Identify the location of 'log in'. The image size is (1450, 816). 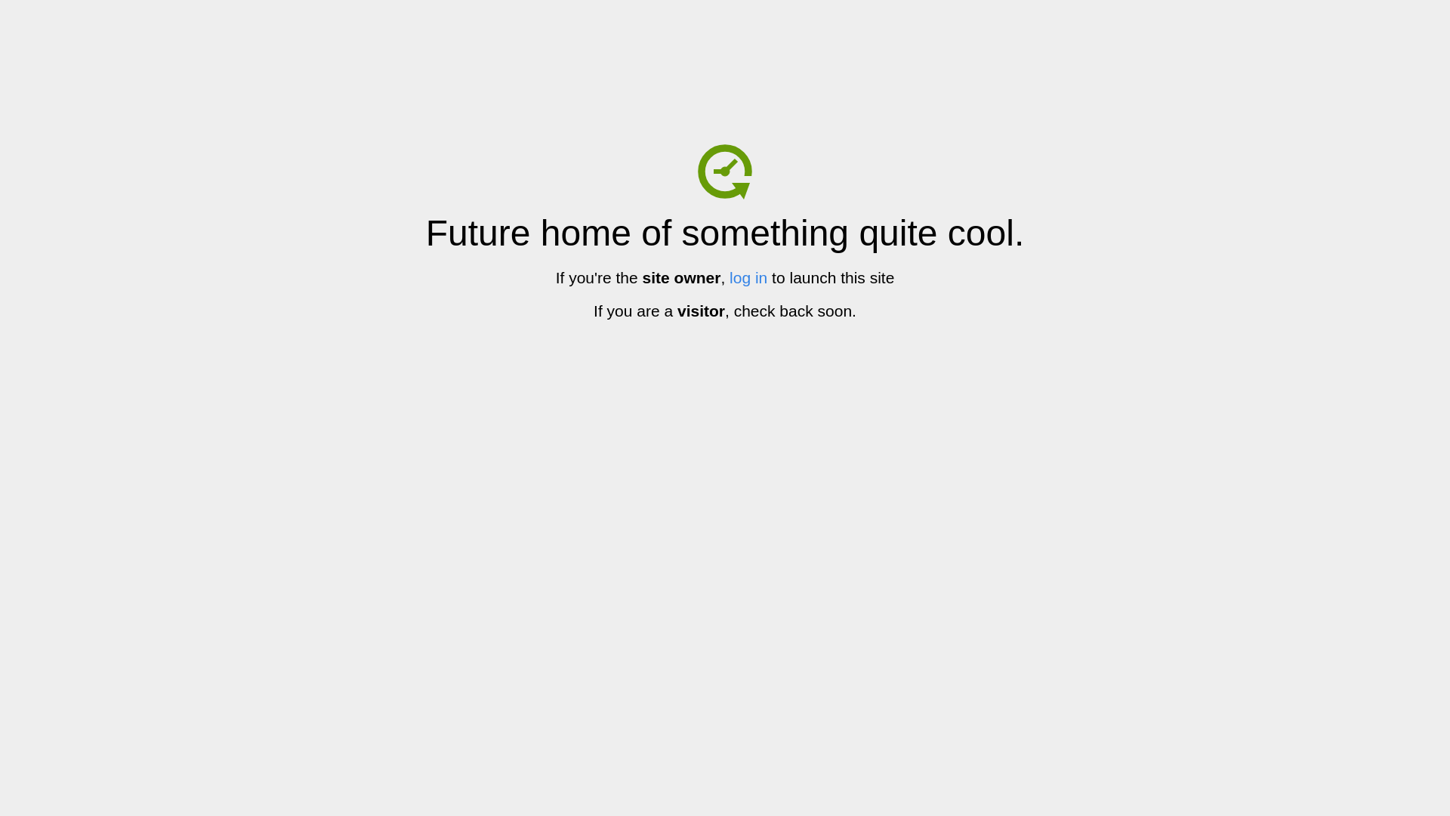
(748, 277).